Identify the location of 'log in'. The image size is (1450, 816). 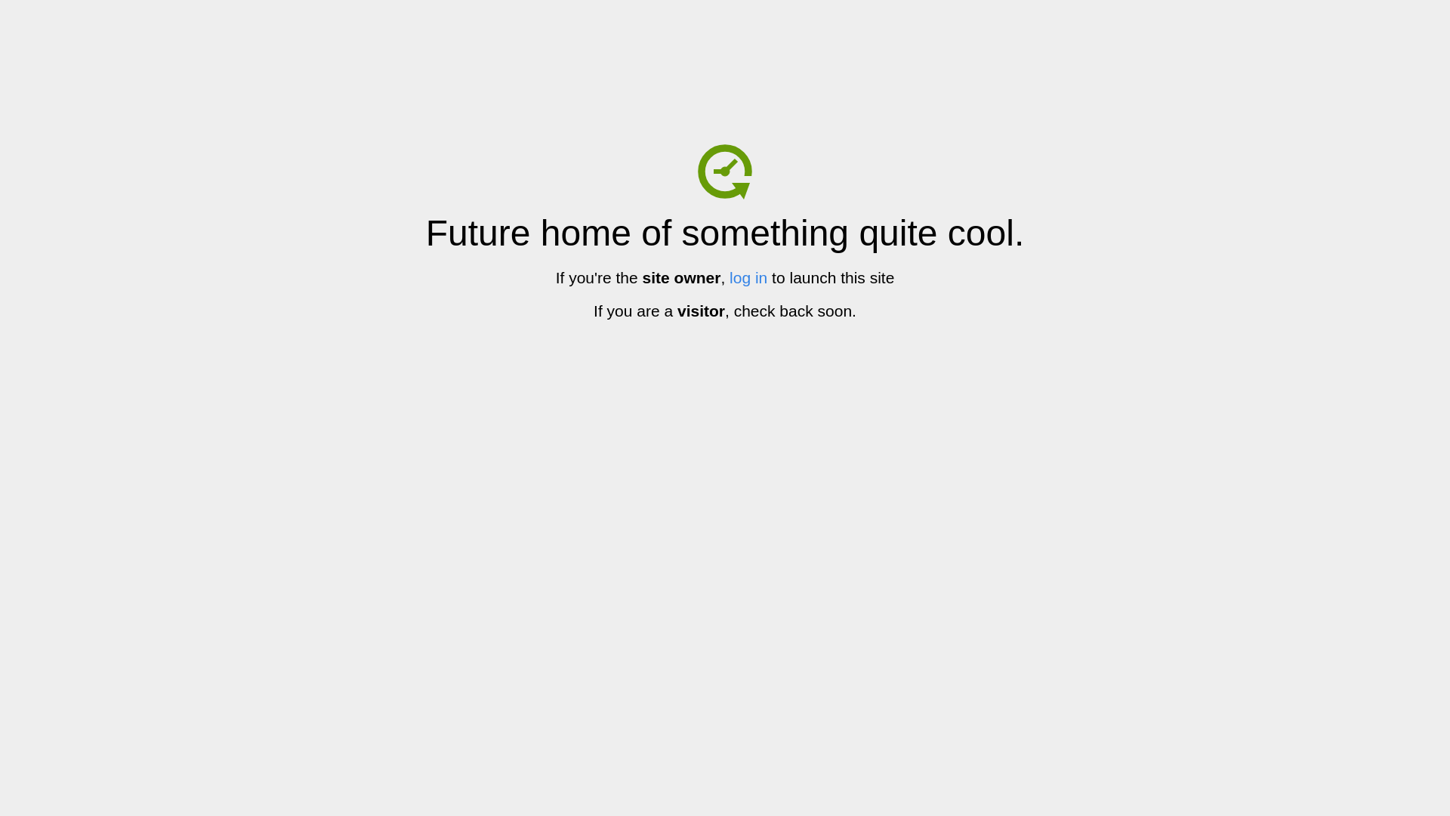
(748, 277).